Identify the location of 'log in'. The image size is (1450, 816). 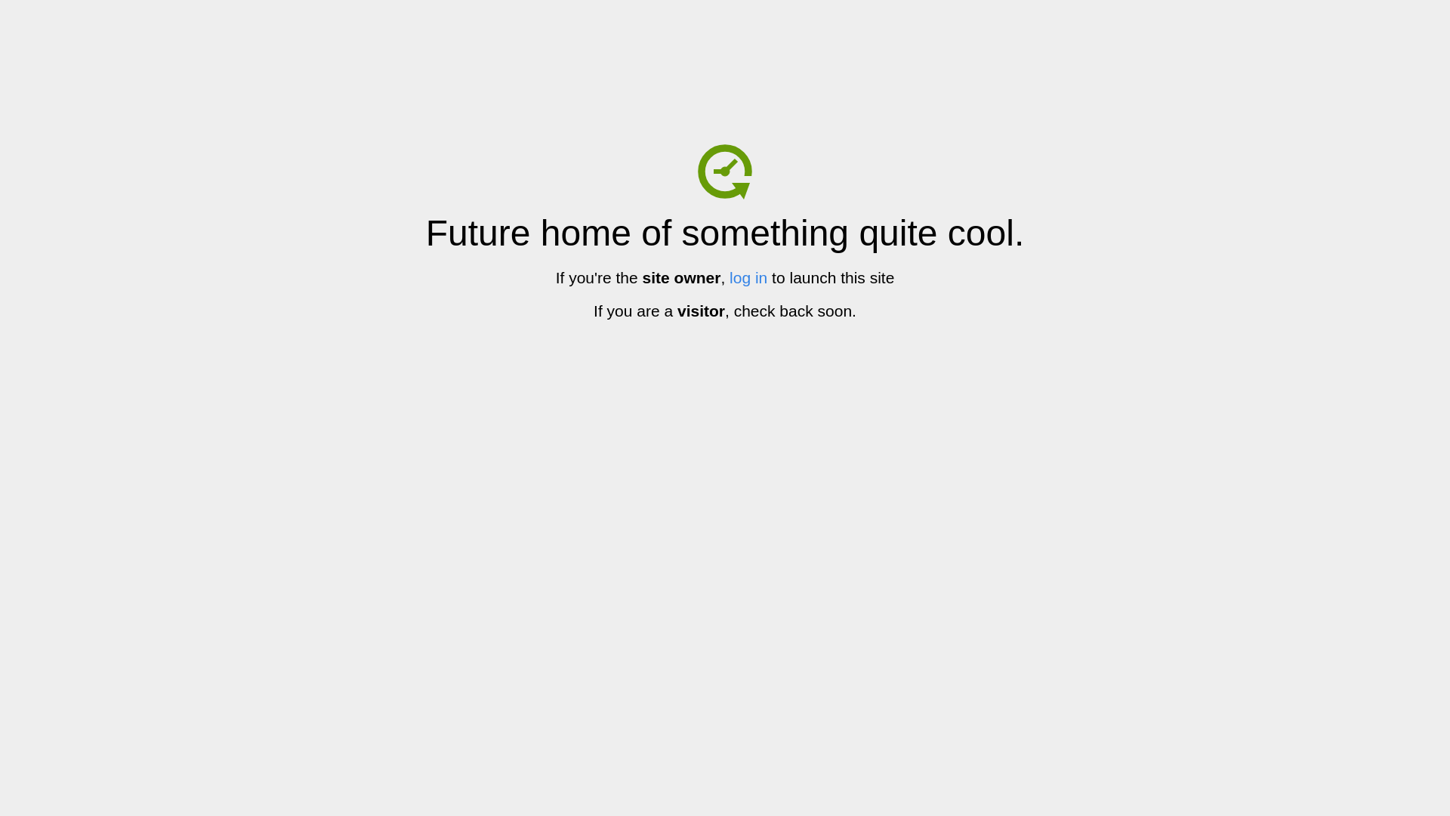
(748, 277).